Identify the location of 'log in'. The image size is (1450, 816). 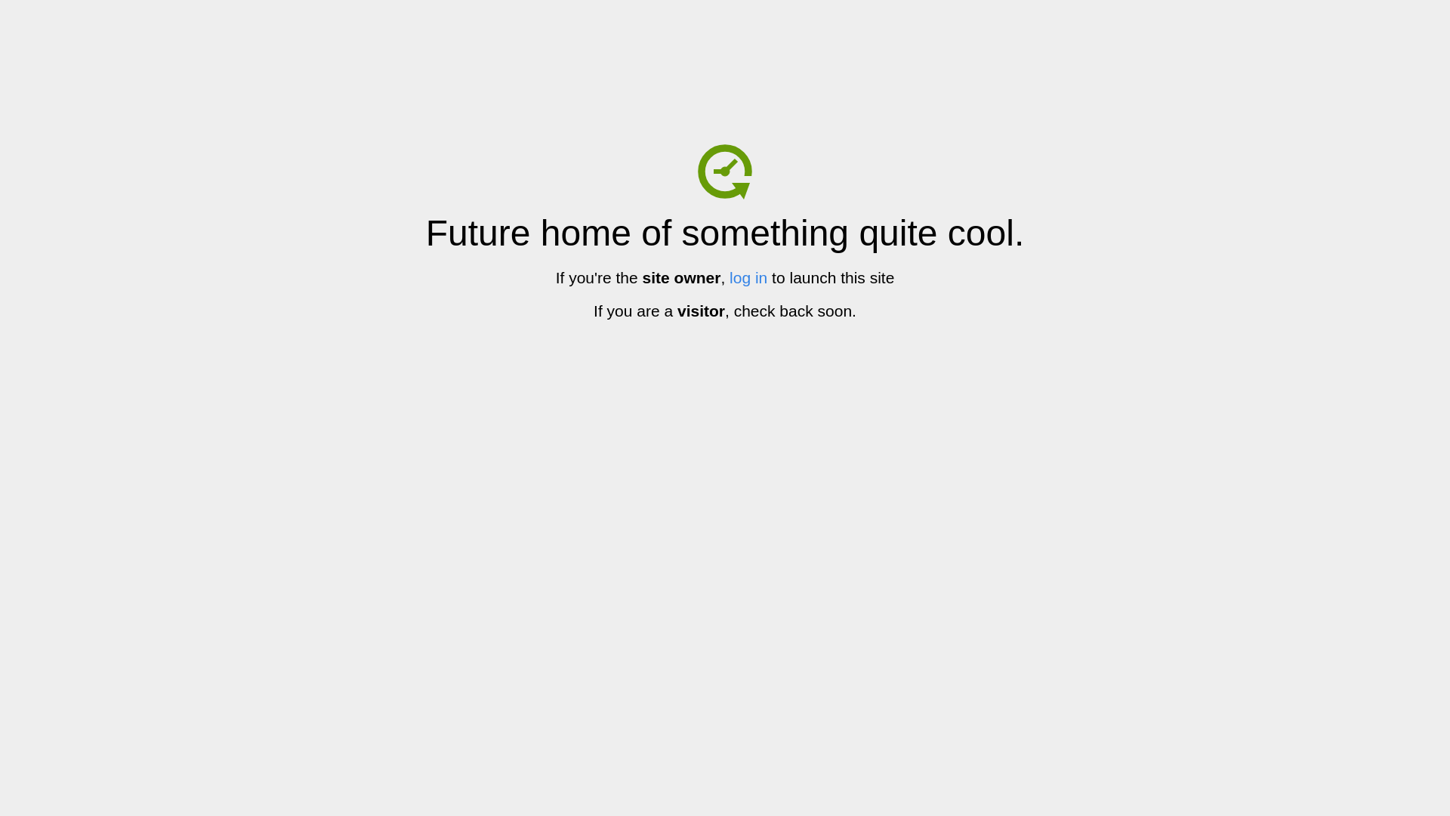
(748, 277).